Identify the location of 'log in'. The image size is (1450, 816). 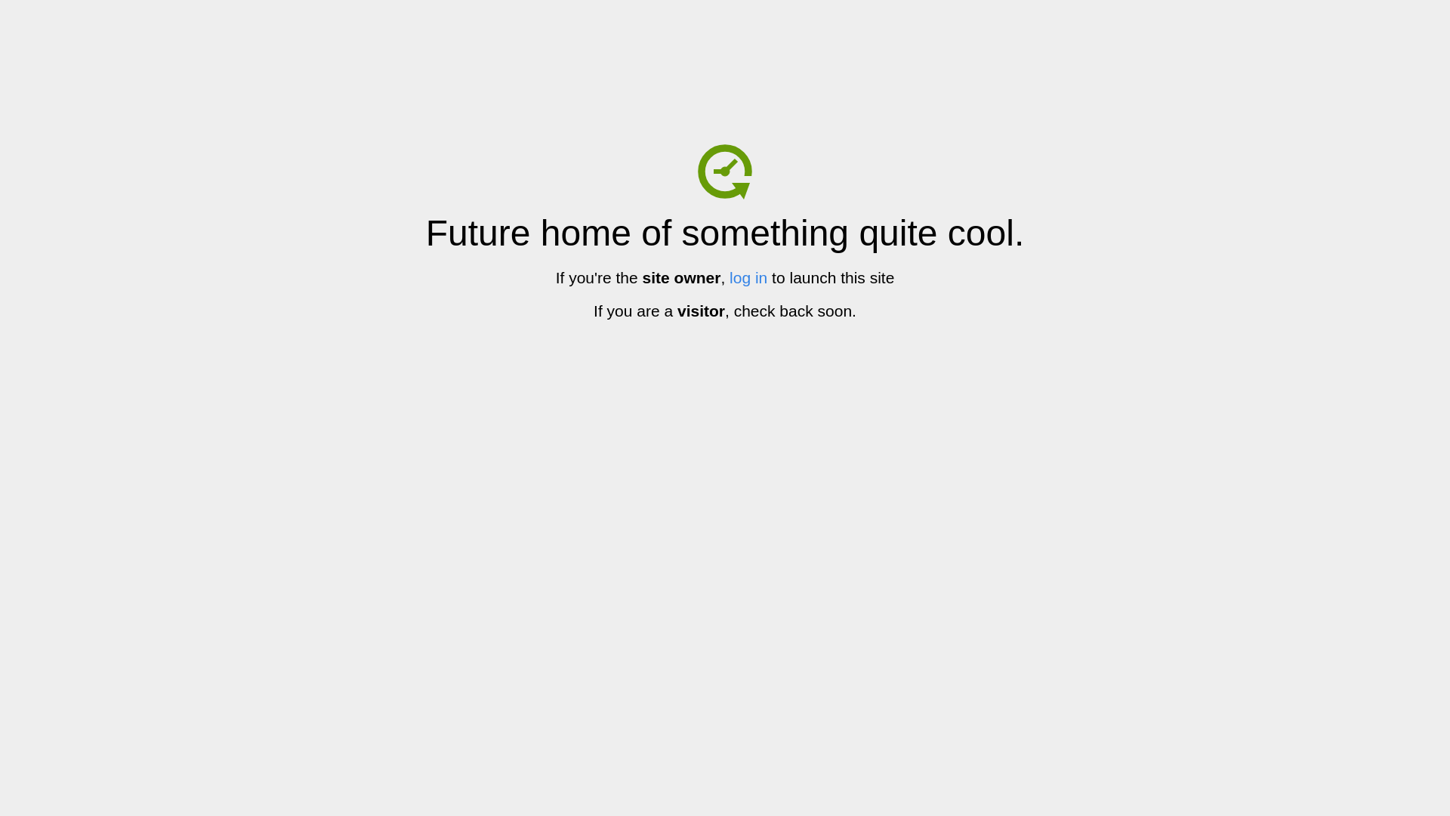
(748, 277).